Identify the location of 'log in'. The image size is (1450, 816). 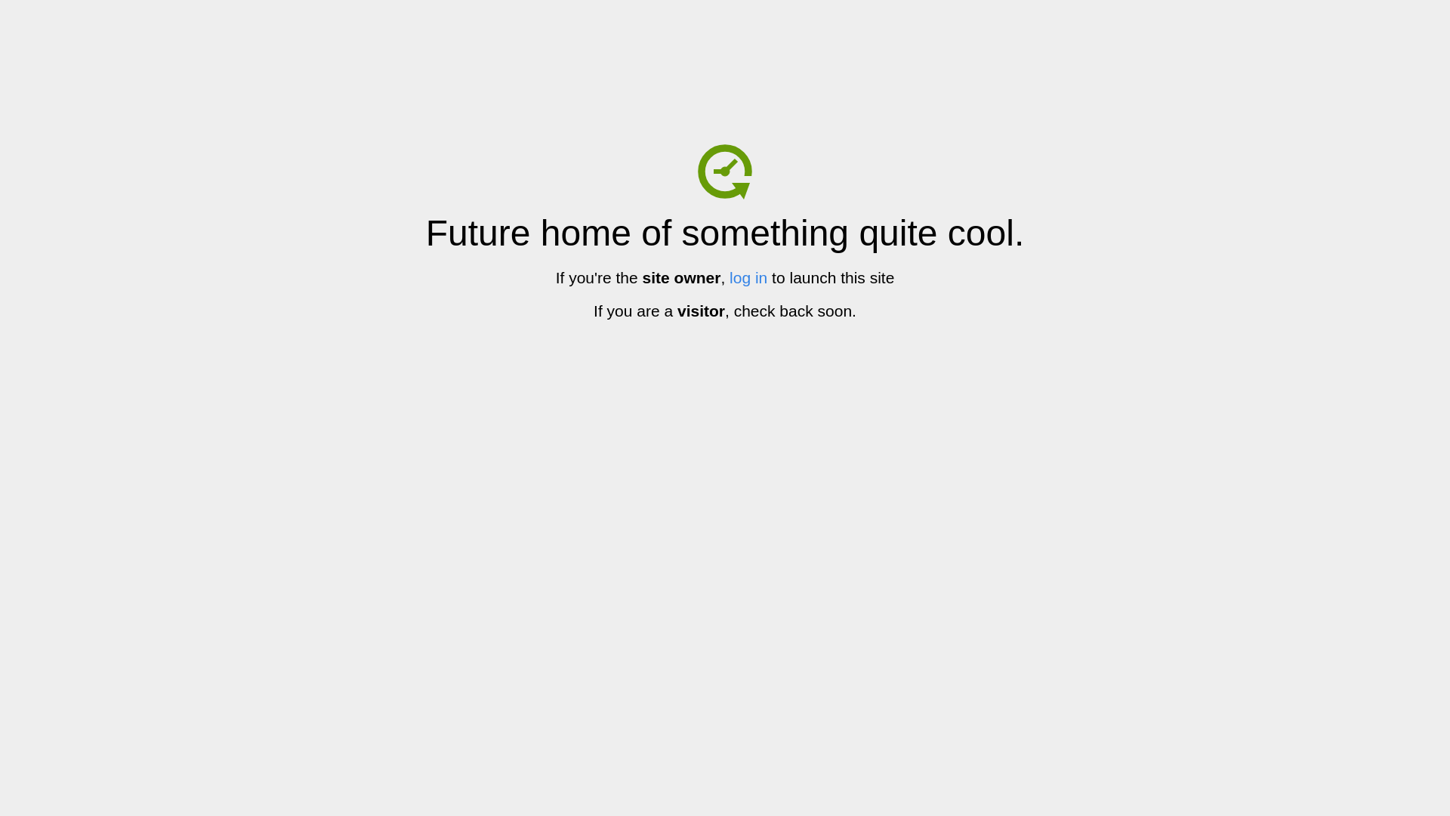
(748, 277).